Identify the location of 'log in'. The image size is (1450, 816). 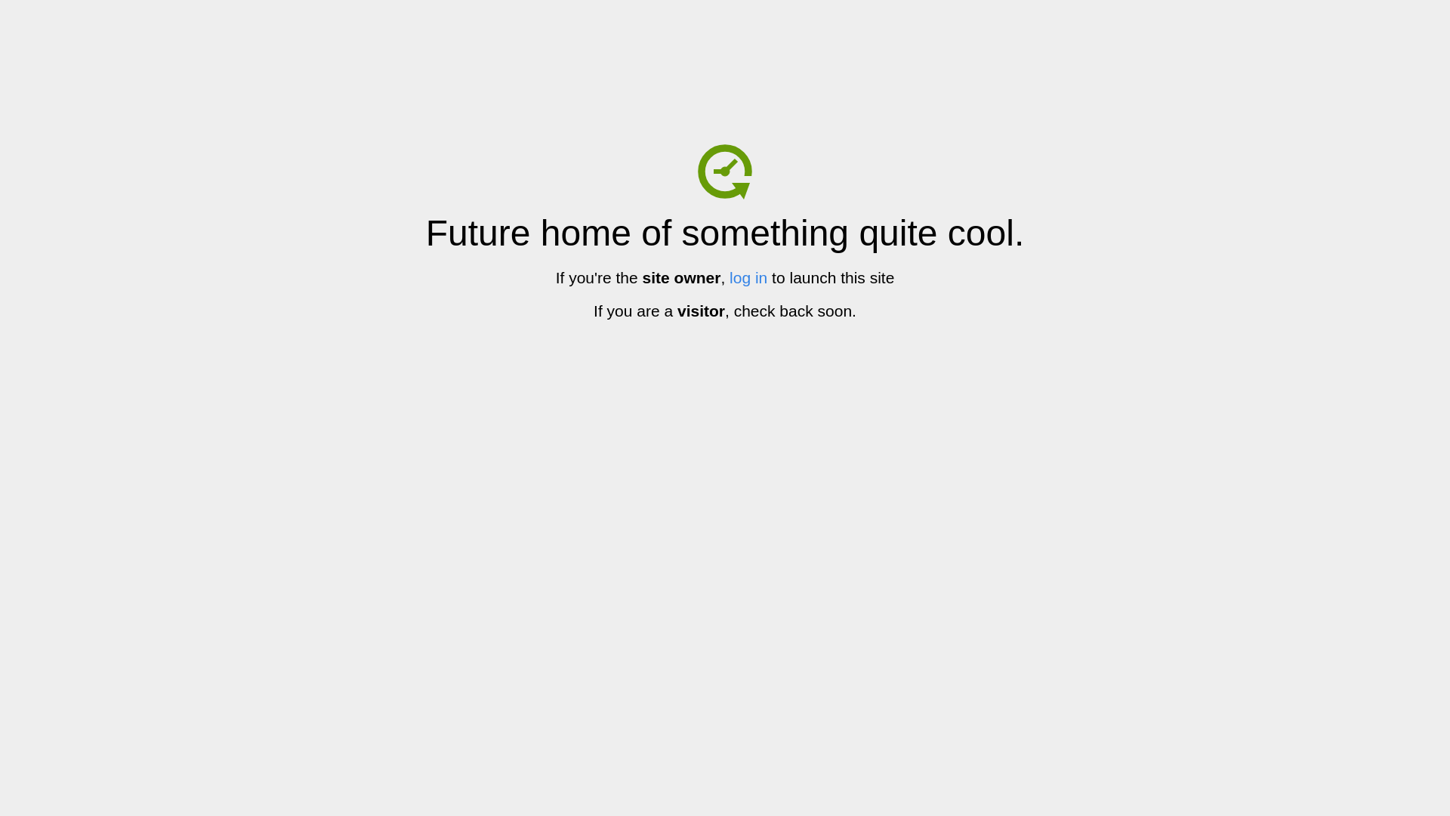
(748, 277).